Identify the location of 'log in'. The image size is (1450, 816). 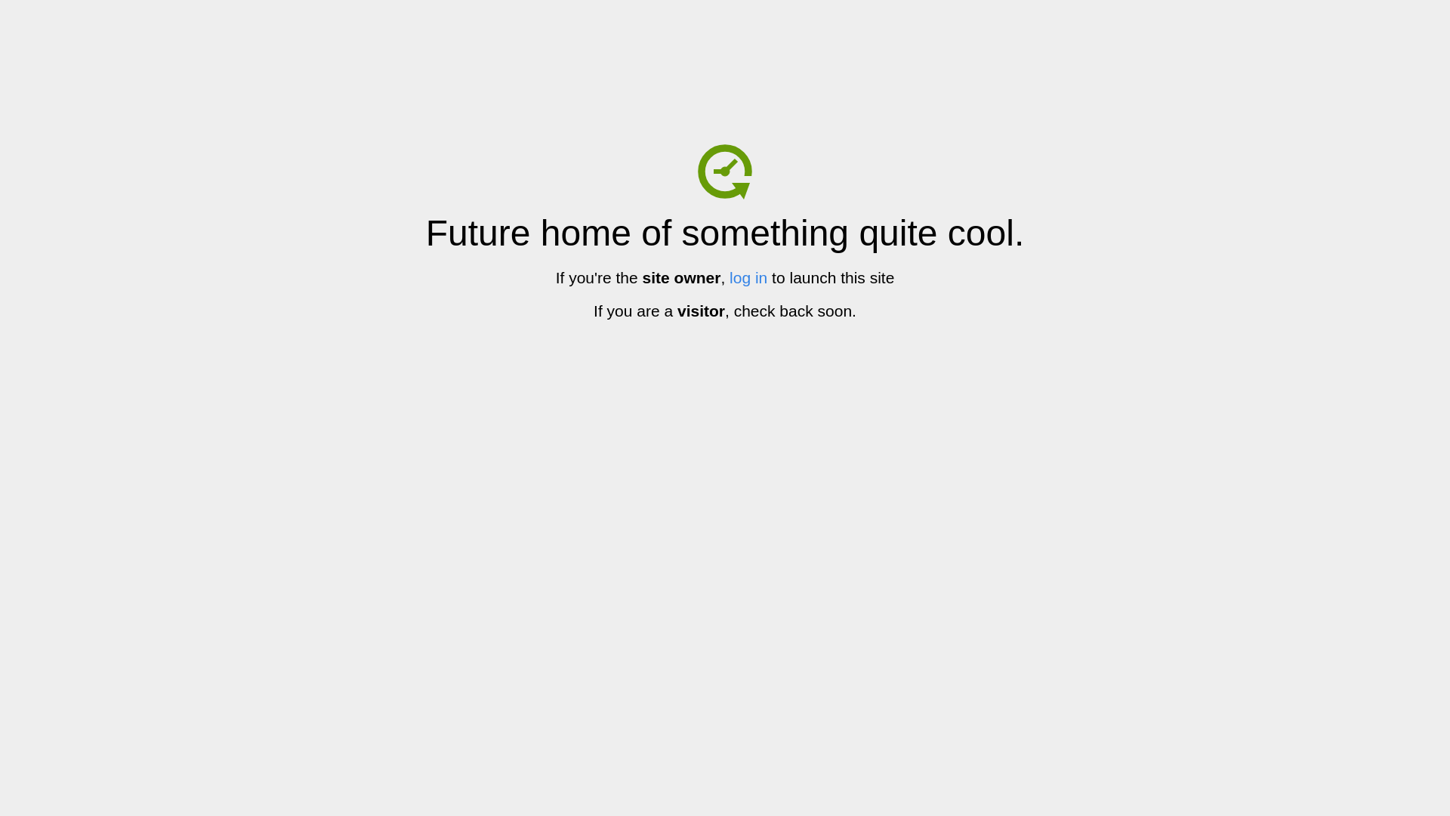
(748, 277).